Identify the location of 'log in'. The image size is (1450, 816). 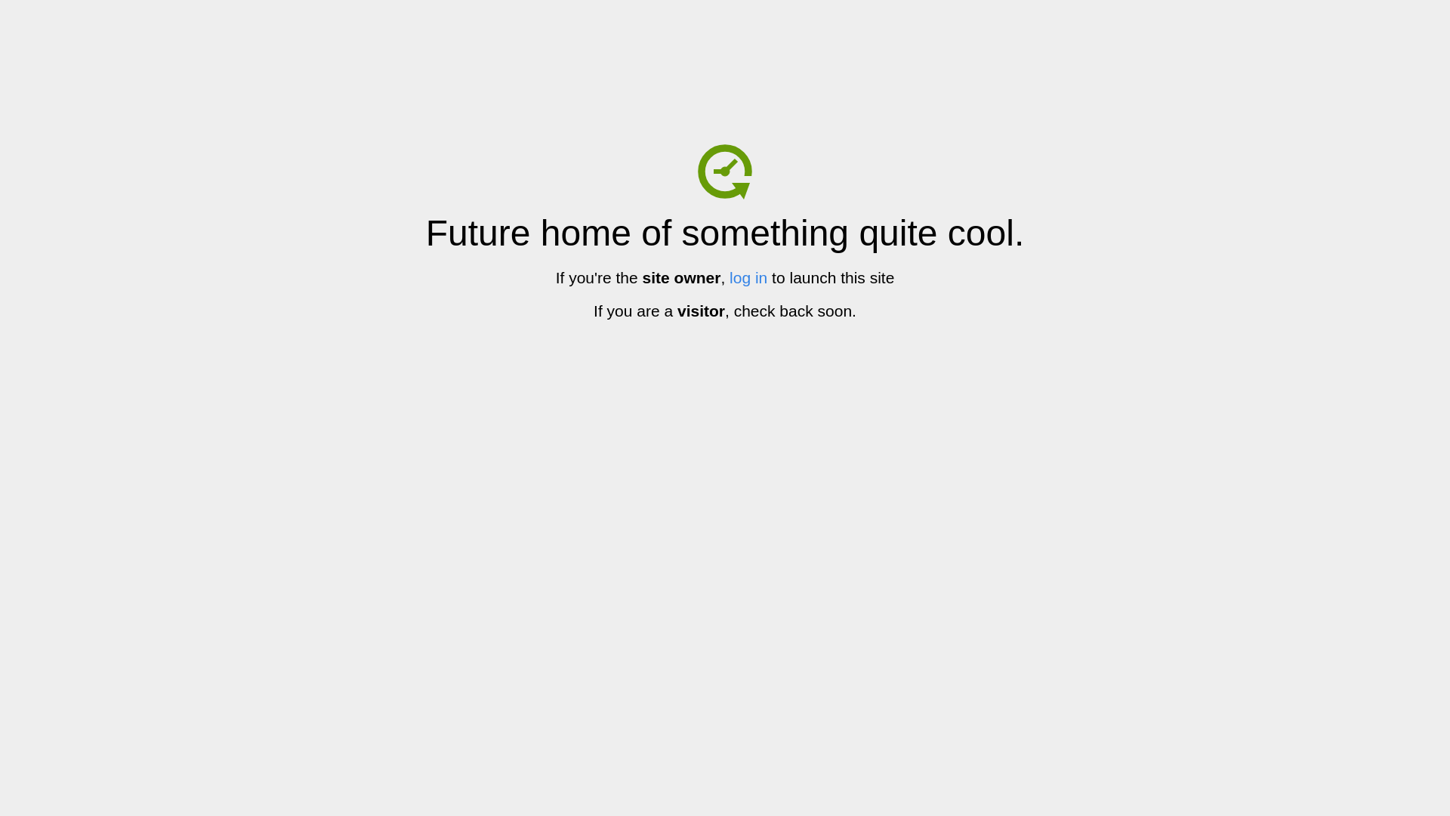
(748, 277).